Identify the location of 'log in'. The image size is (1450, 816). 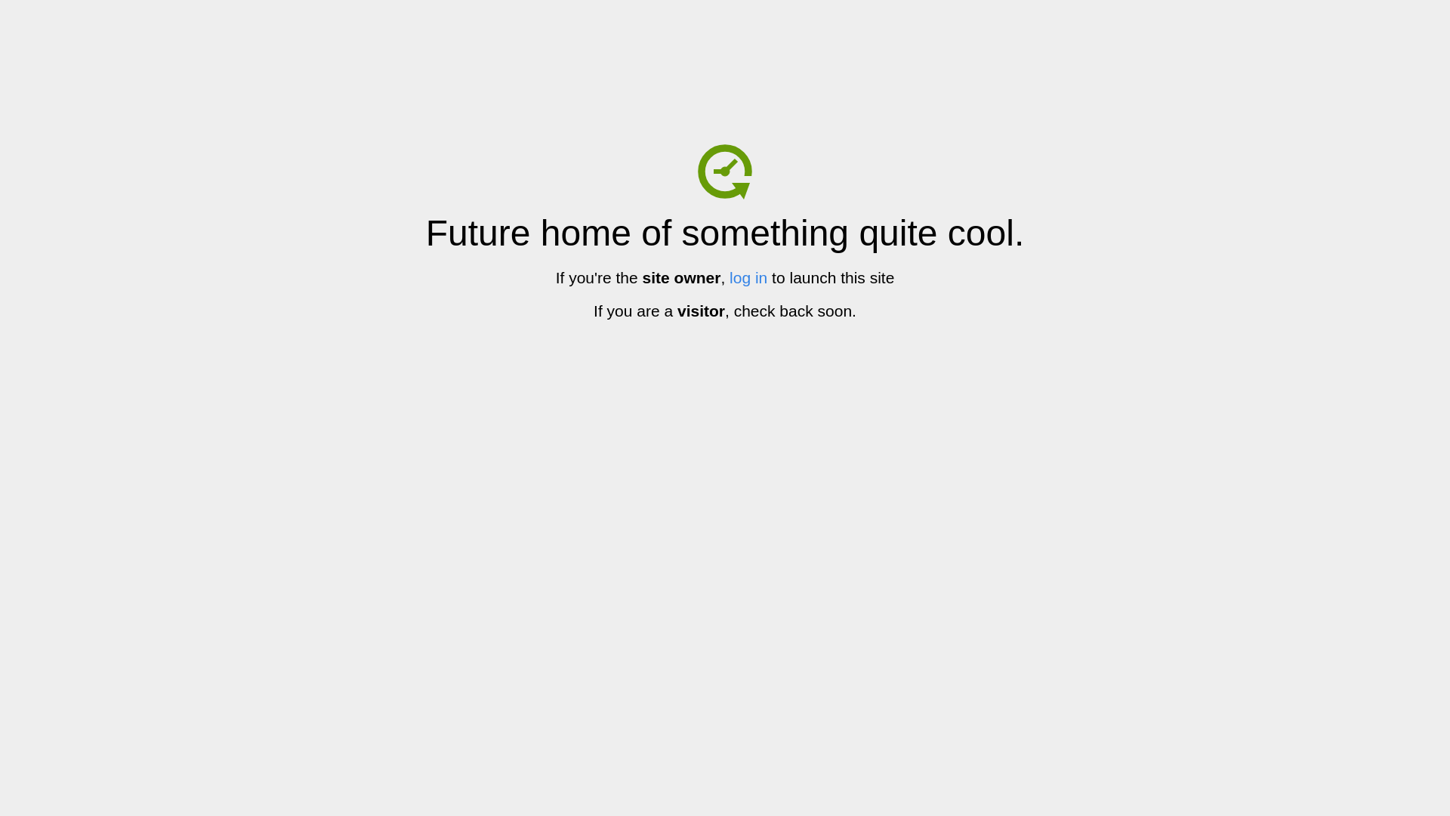
(748, 277).